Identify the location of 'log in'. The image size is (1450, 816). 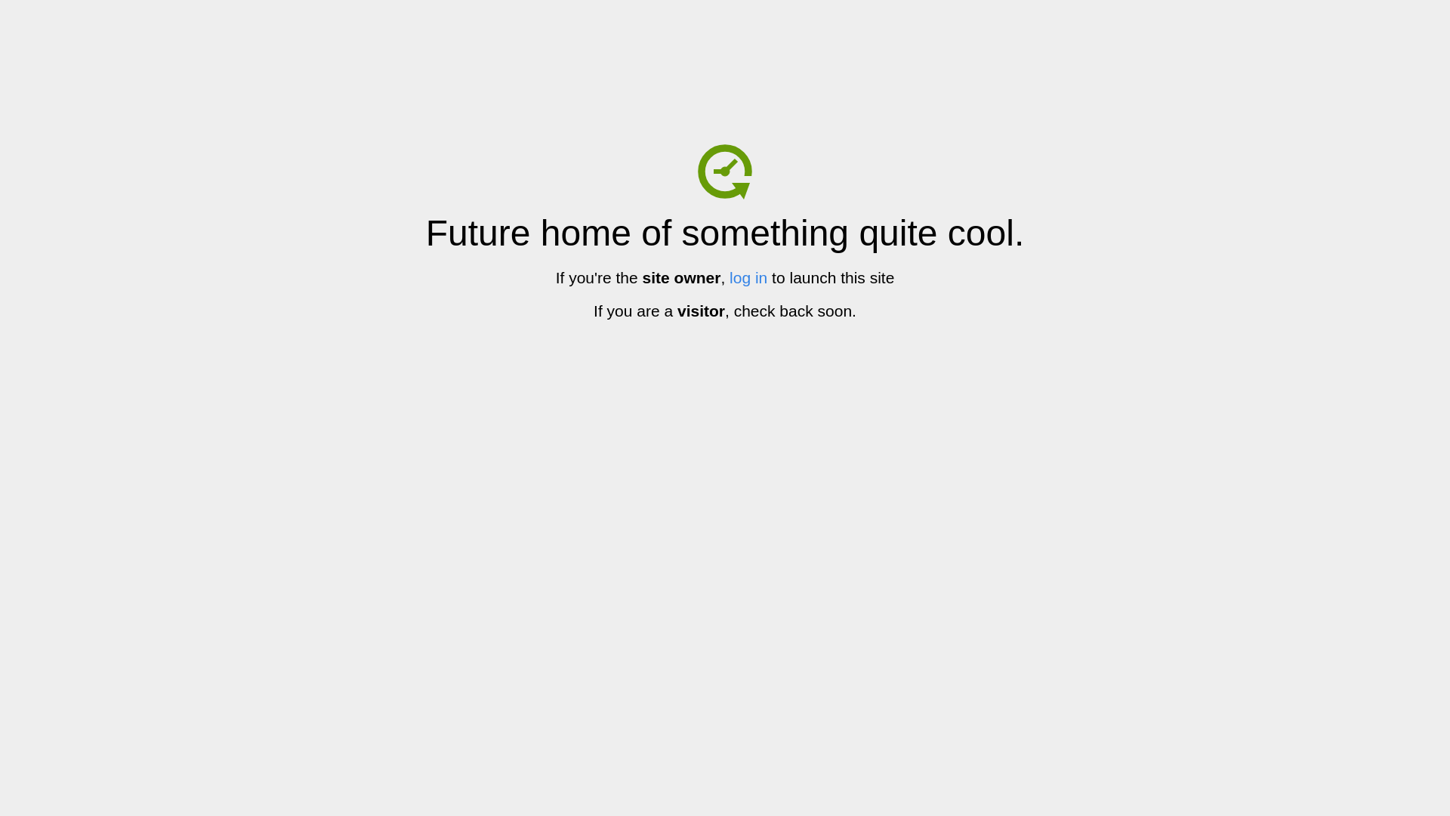
(748, 277).